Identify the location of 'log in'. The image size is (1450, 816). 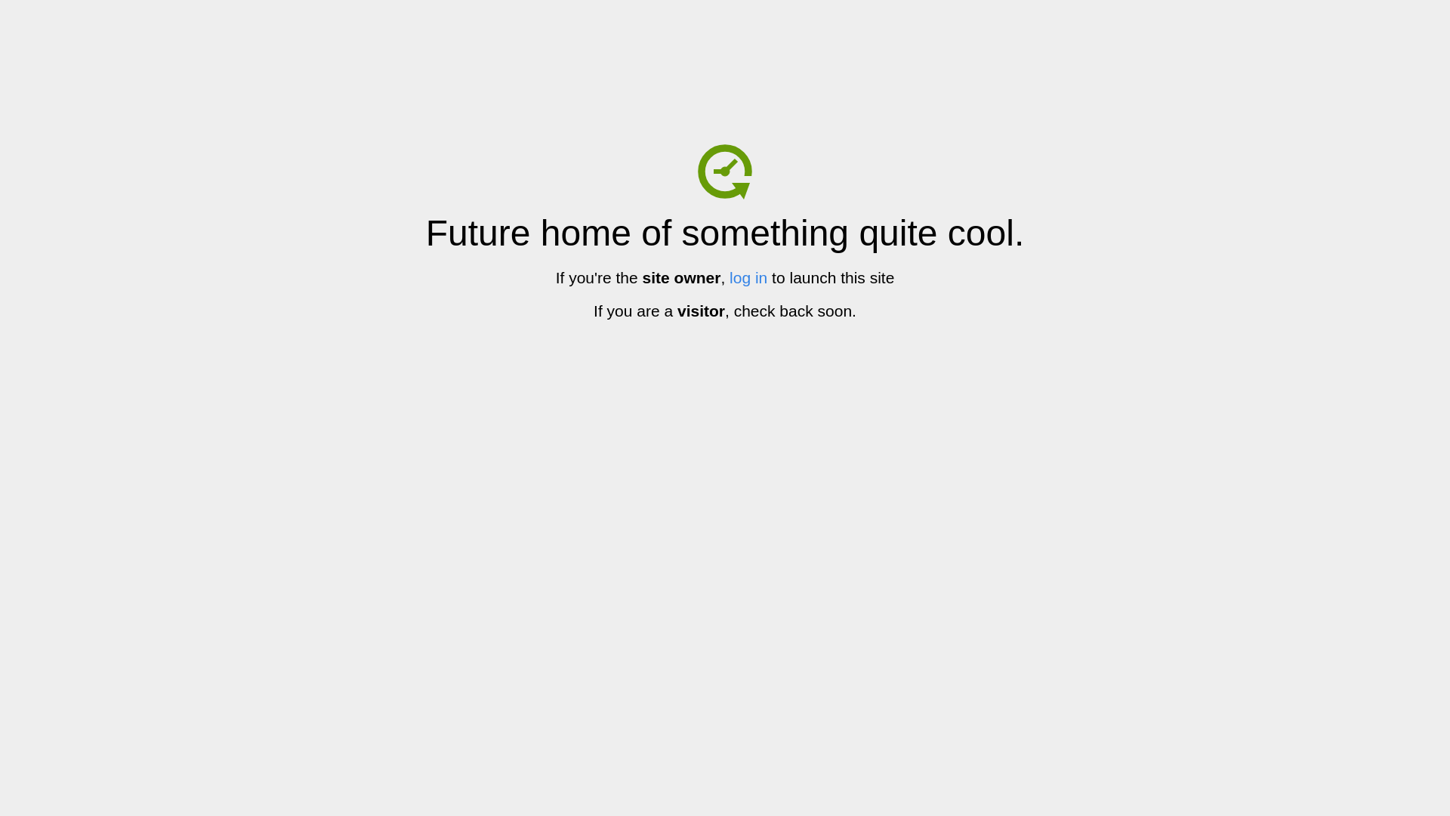
(748, 277).